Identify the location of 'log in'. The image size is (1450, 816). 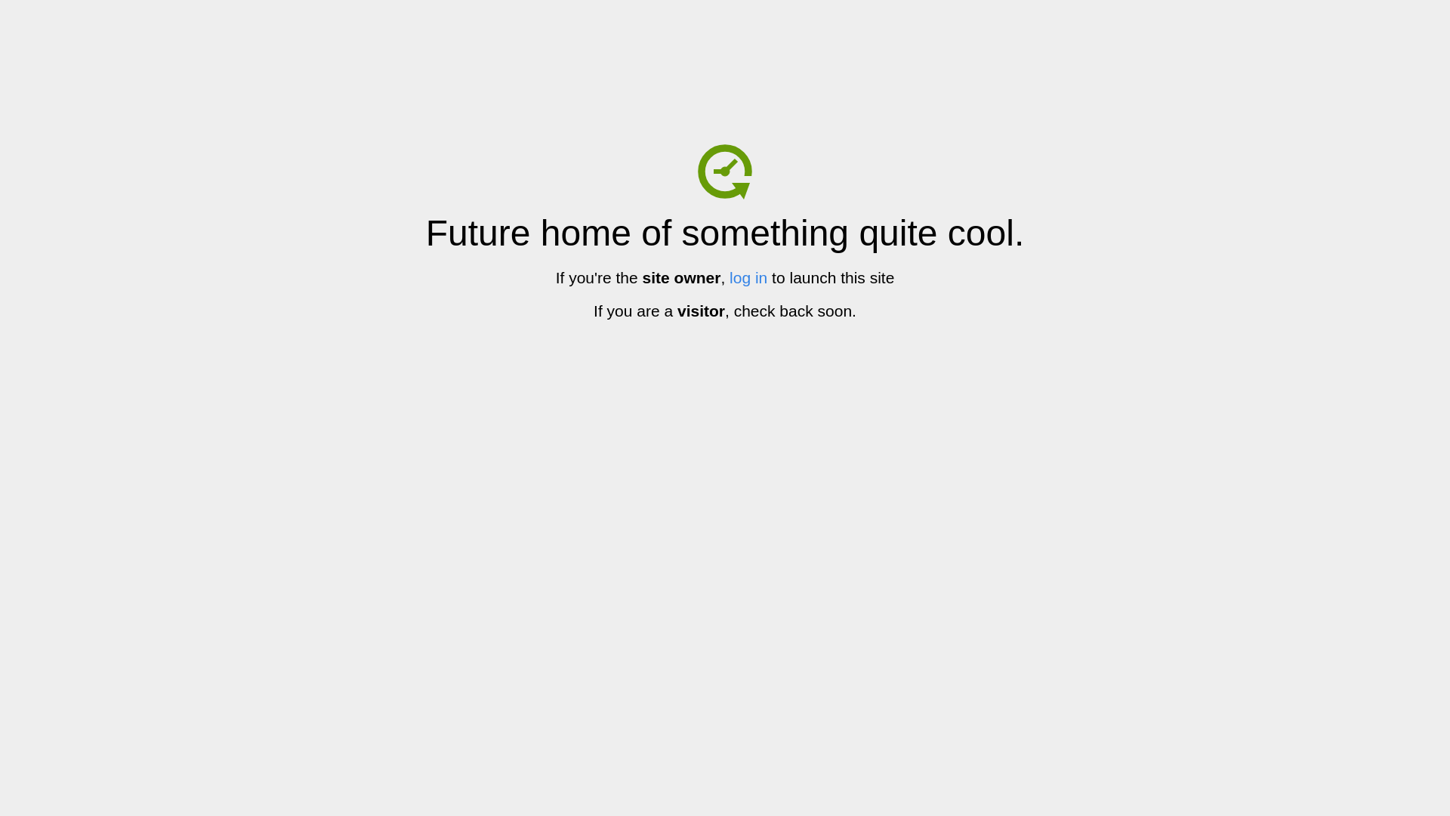
(748, 277).